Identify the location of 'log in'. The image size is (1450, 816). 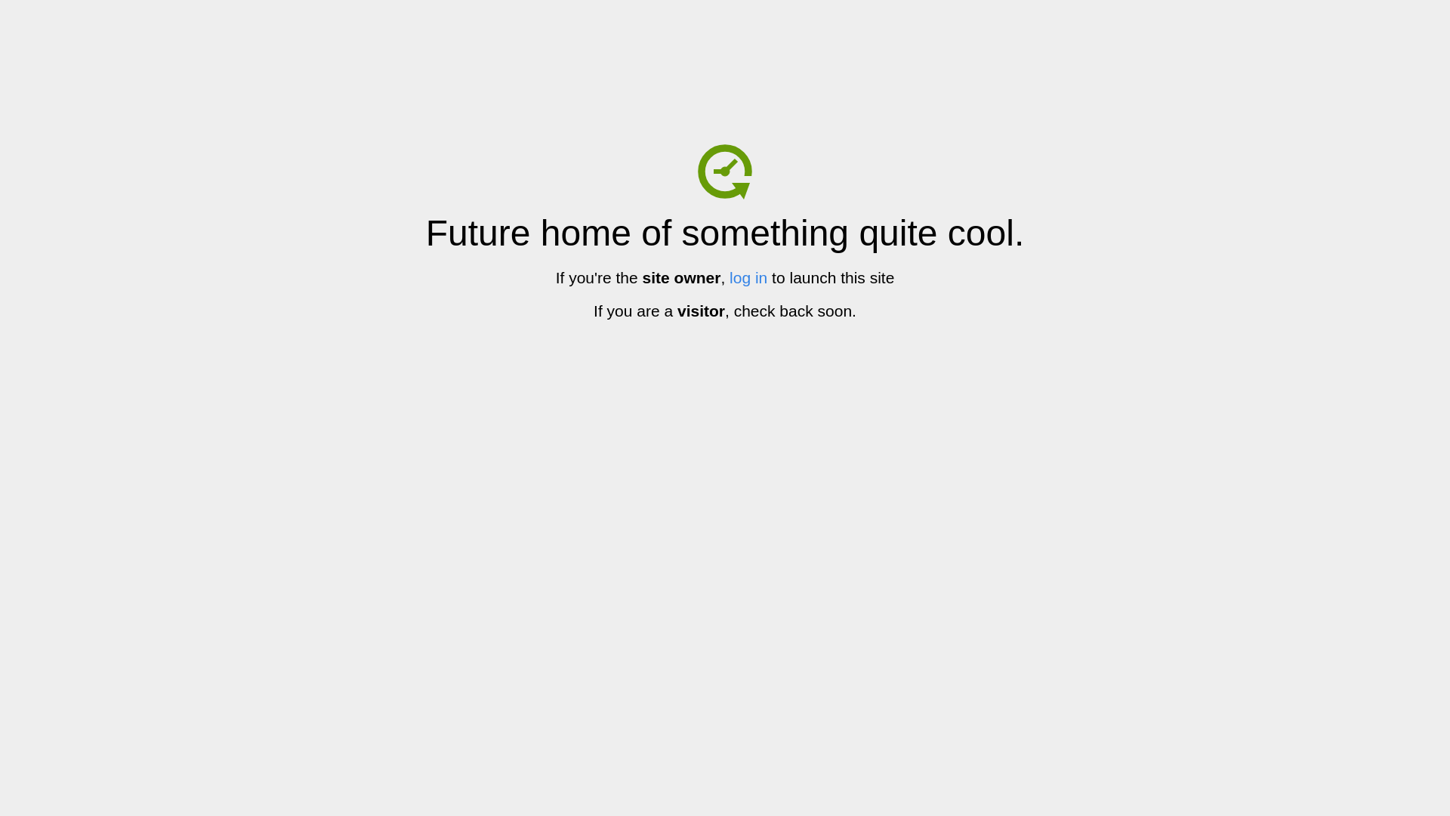
(748, 277).